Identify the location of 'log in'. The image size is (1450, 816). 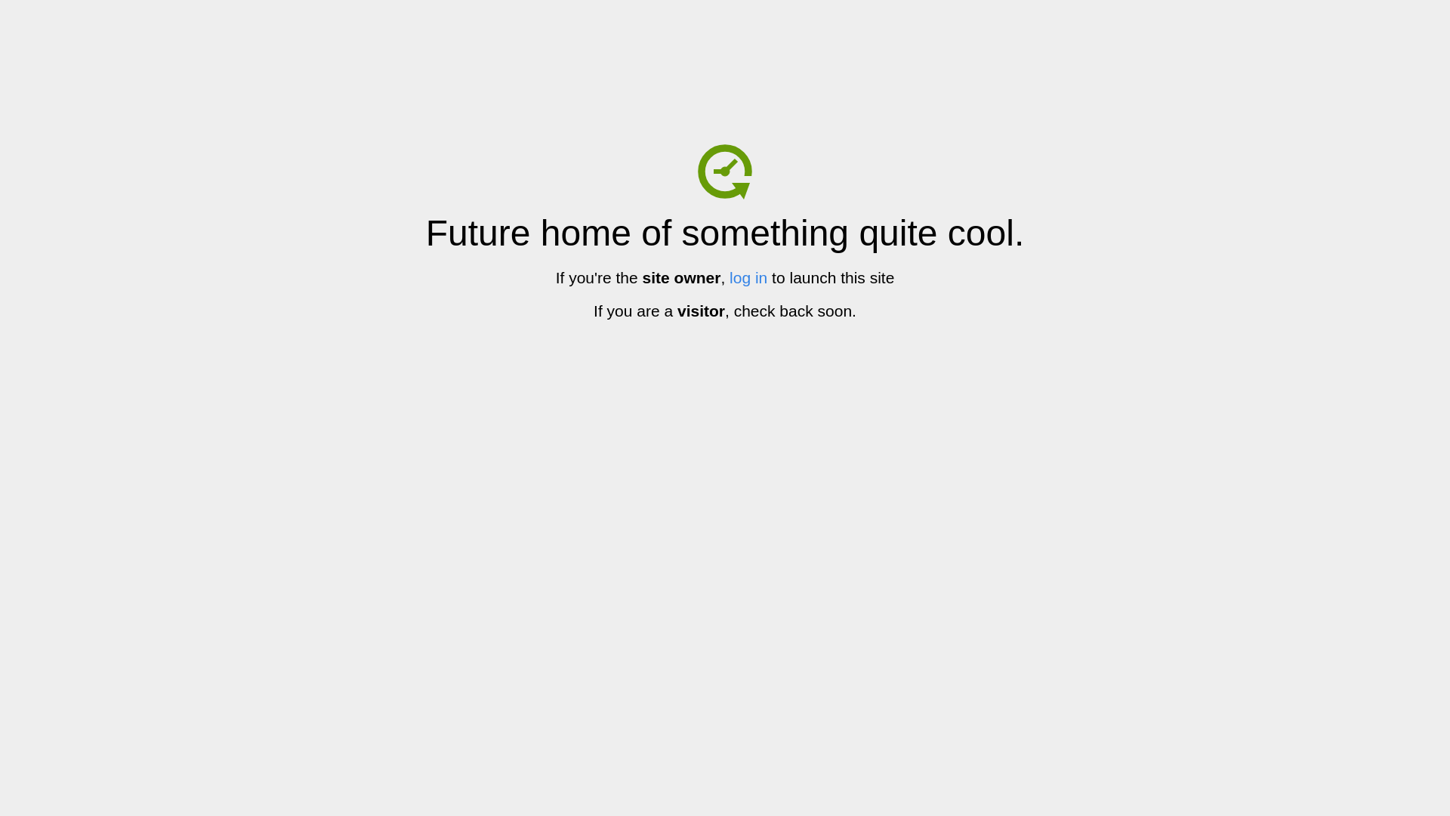
(748, 277).